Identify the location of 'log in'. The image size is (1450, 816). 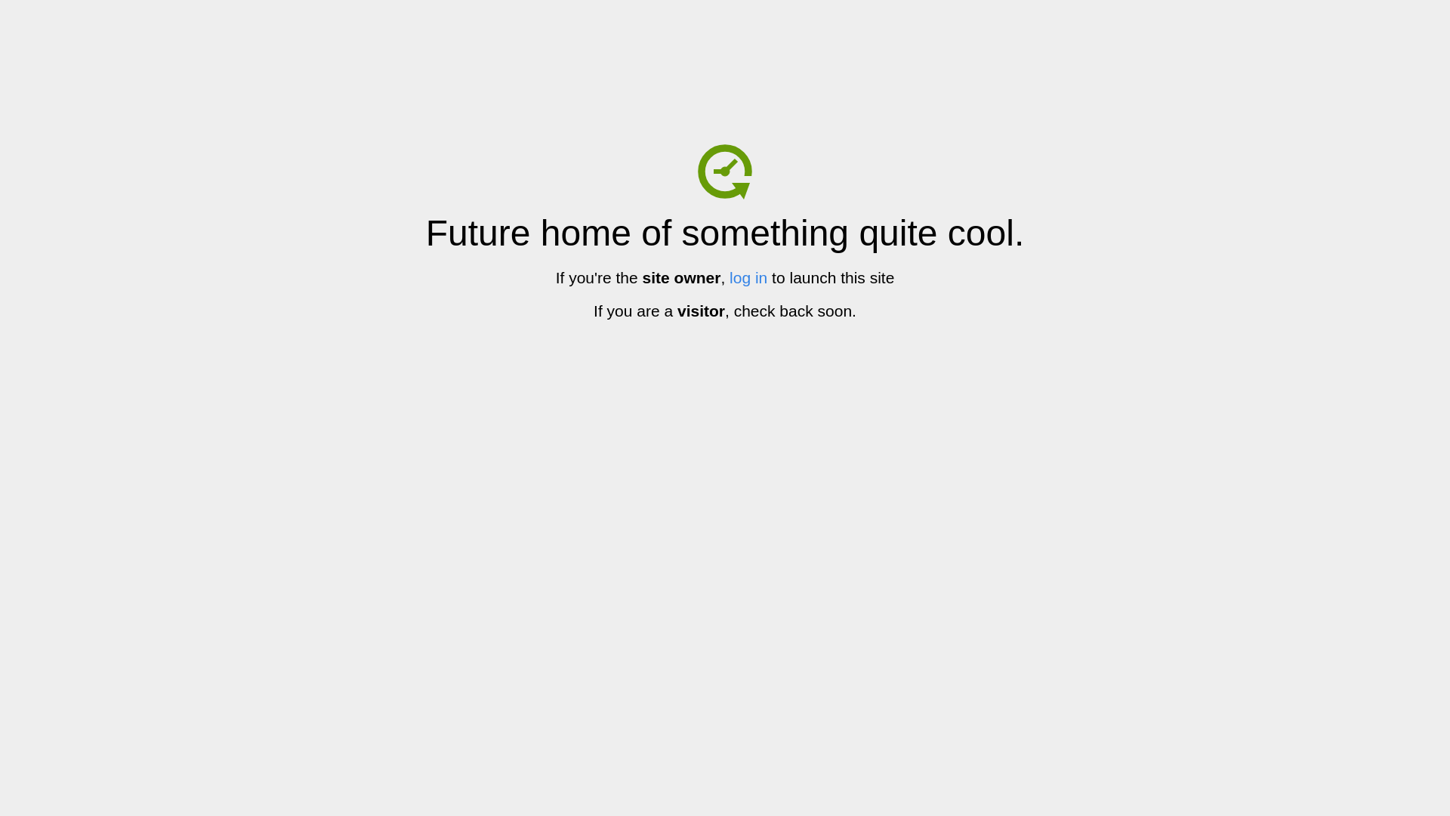
(748, 277).